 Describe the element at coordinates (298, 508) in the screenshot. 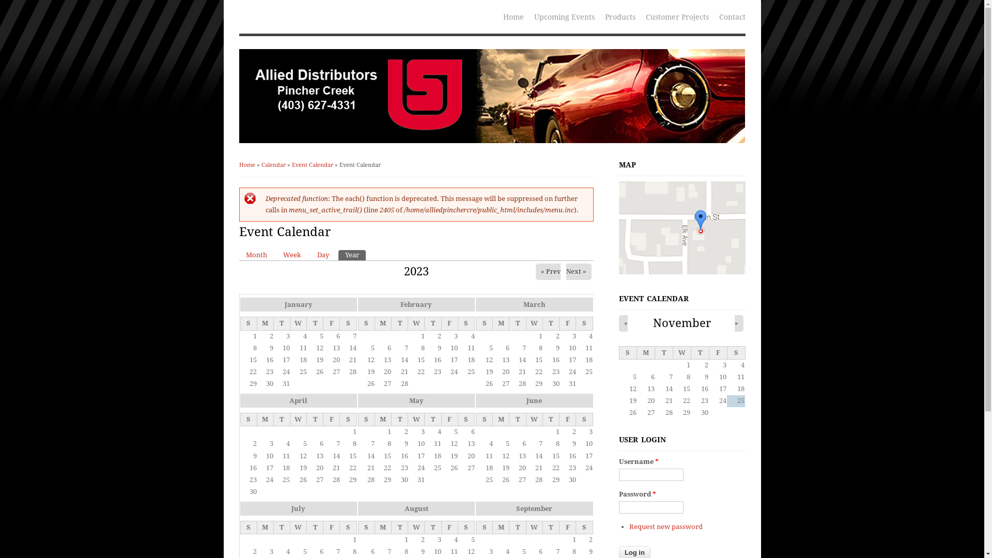

I see `'July'` at that location.